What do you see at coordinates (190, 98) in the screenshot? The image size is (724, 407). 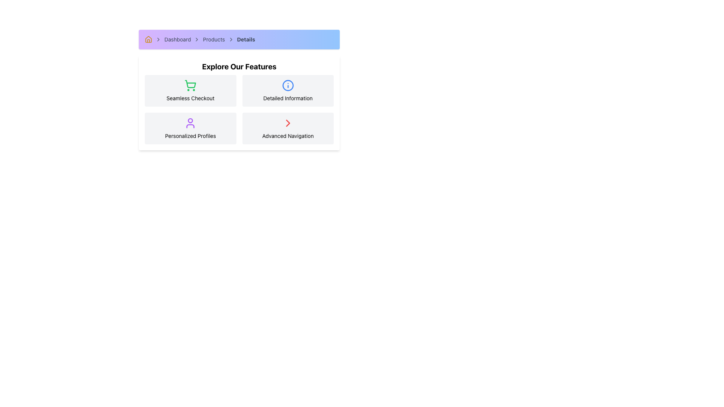 I see `text displayed in the small text block labeled 'Seamless Checkout', which is located in the middle-left rectangular card below the green shopping cart icon` at bounding box center [190, 98].